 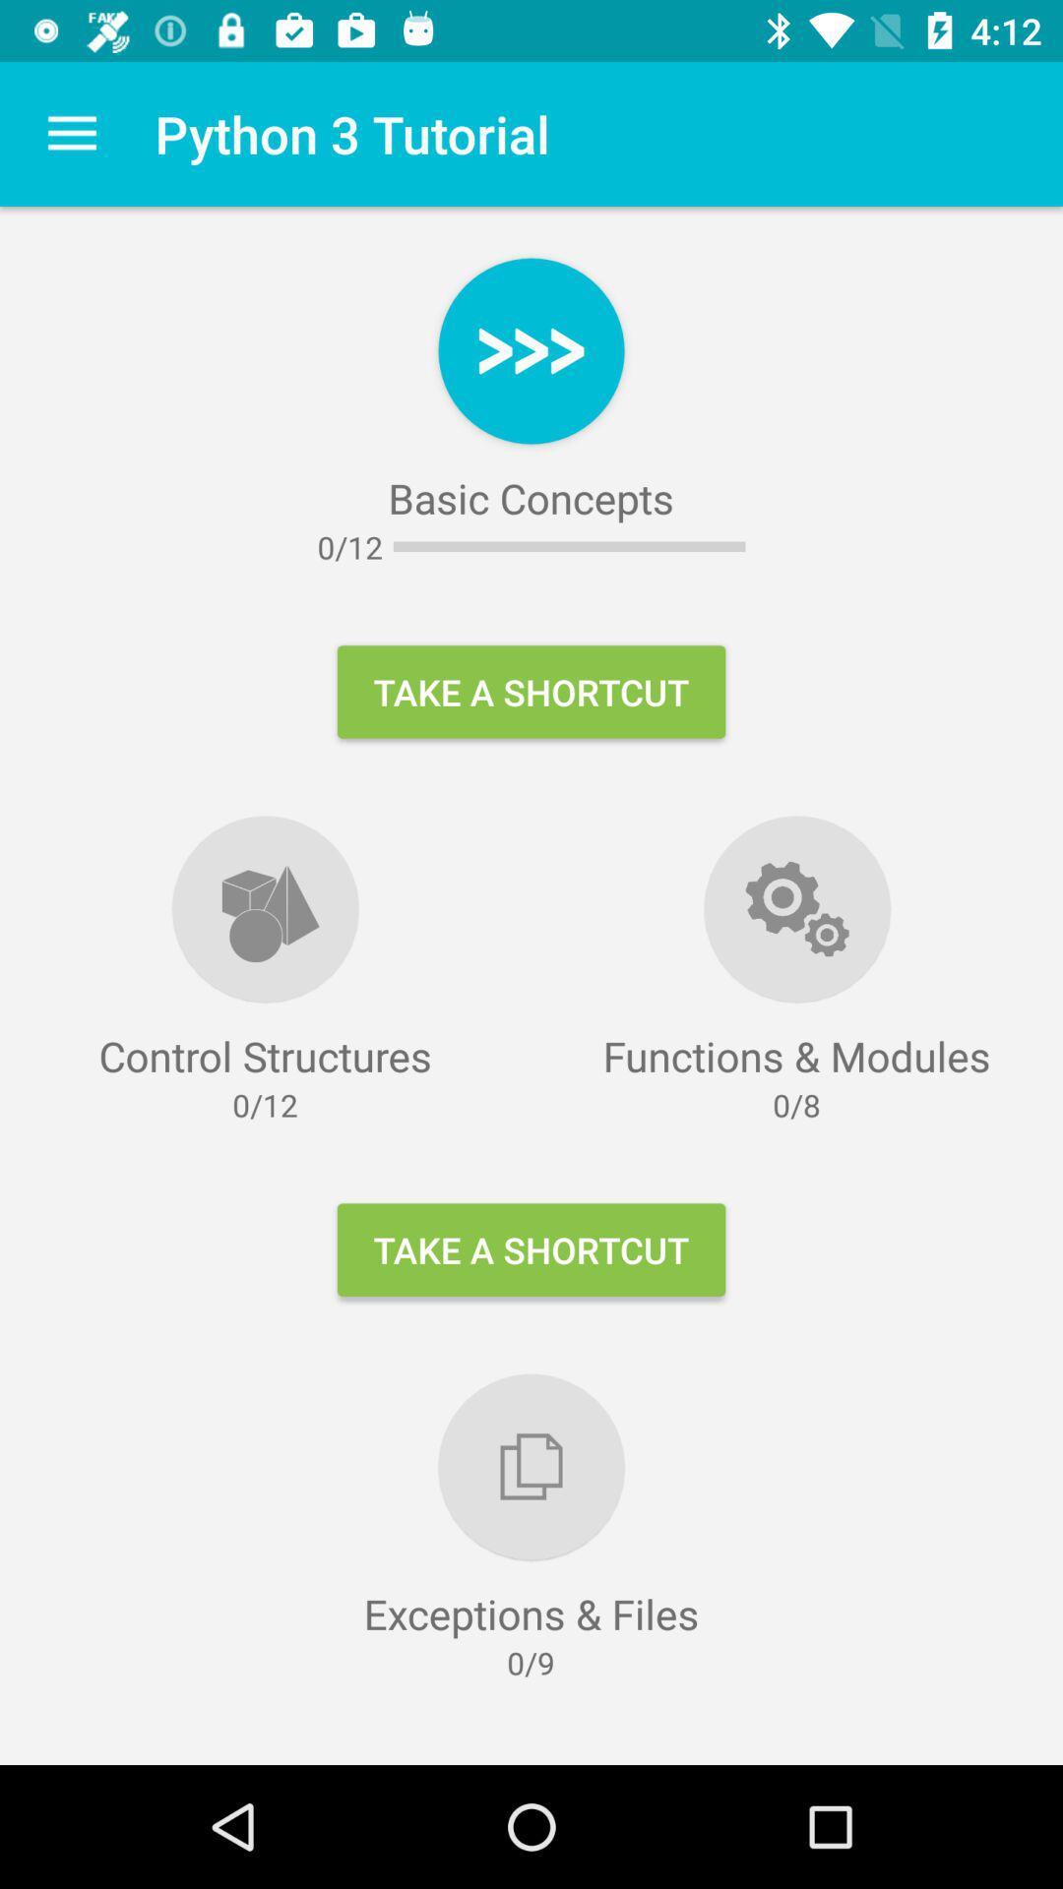 I want to click on item next to python 3 tutorial, so click(x=71, y=133).